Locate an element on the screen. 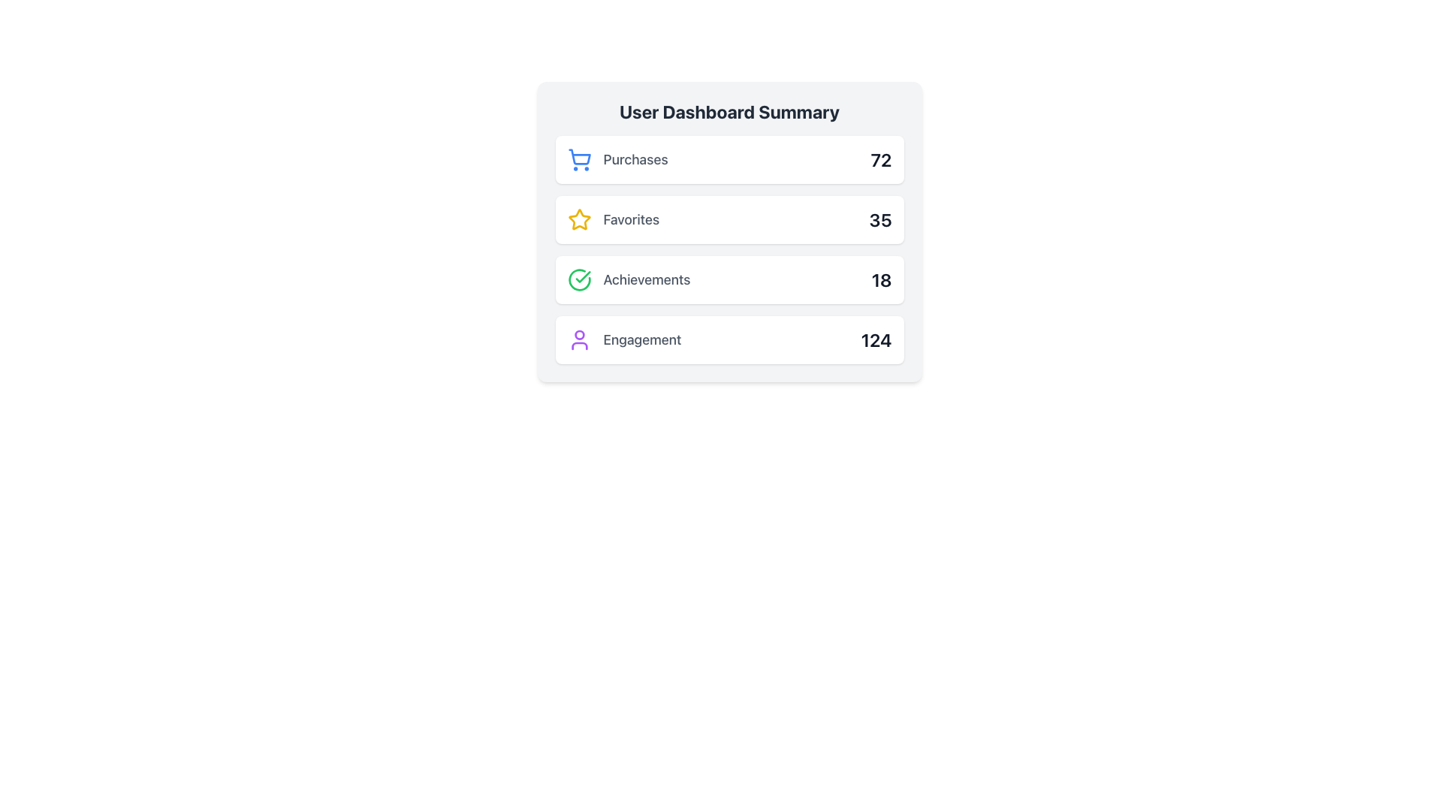  the numerical label displaying '35', which is located at the far right of the 'Favorites' section in the dashboard grid is located at coordinates (880, 220).